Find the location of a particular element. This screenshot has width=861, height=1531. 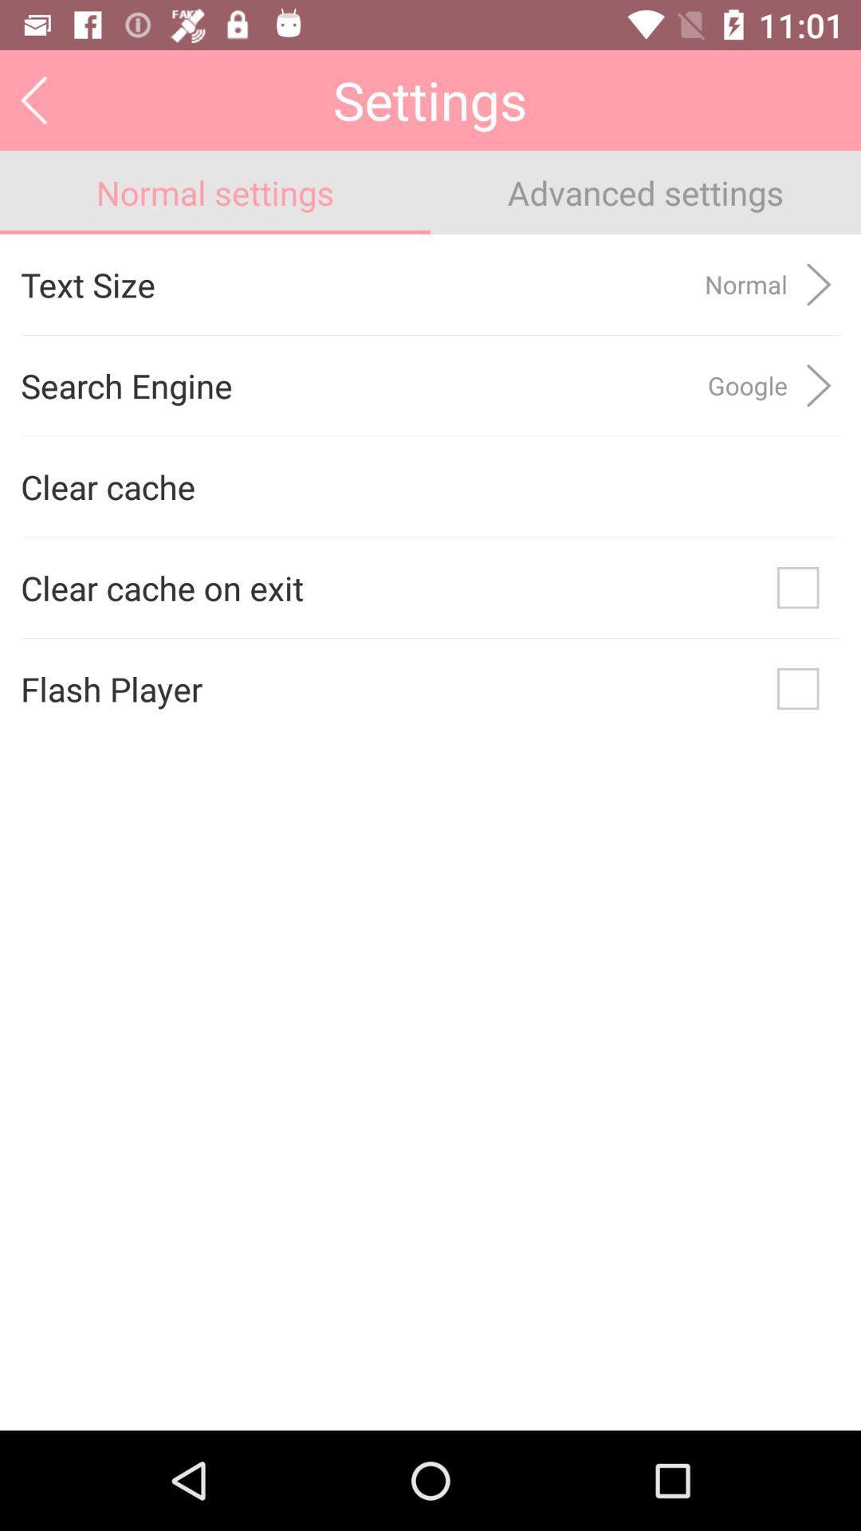

allow flash player is located at coordinates (798, 689).